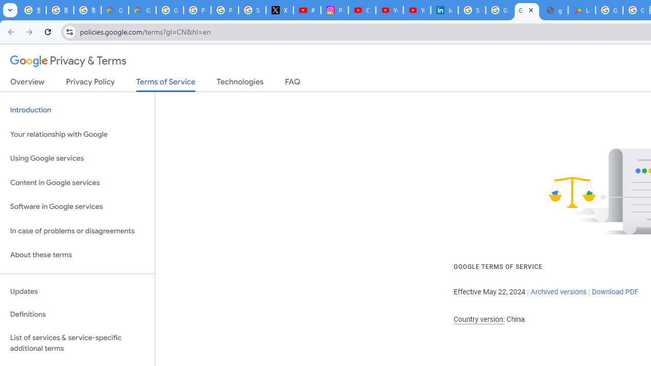 The width and height of the screenshot is (651, 366). Describe the element at coordinates (77, 314) in the screenshot. I see `'Definitions'` at that location.